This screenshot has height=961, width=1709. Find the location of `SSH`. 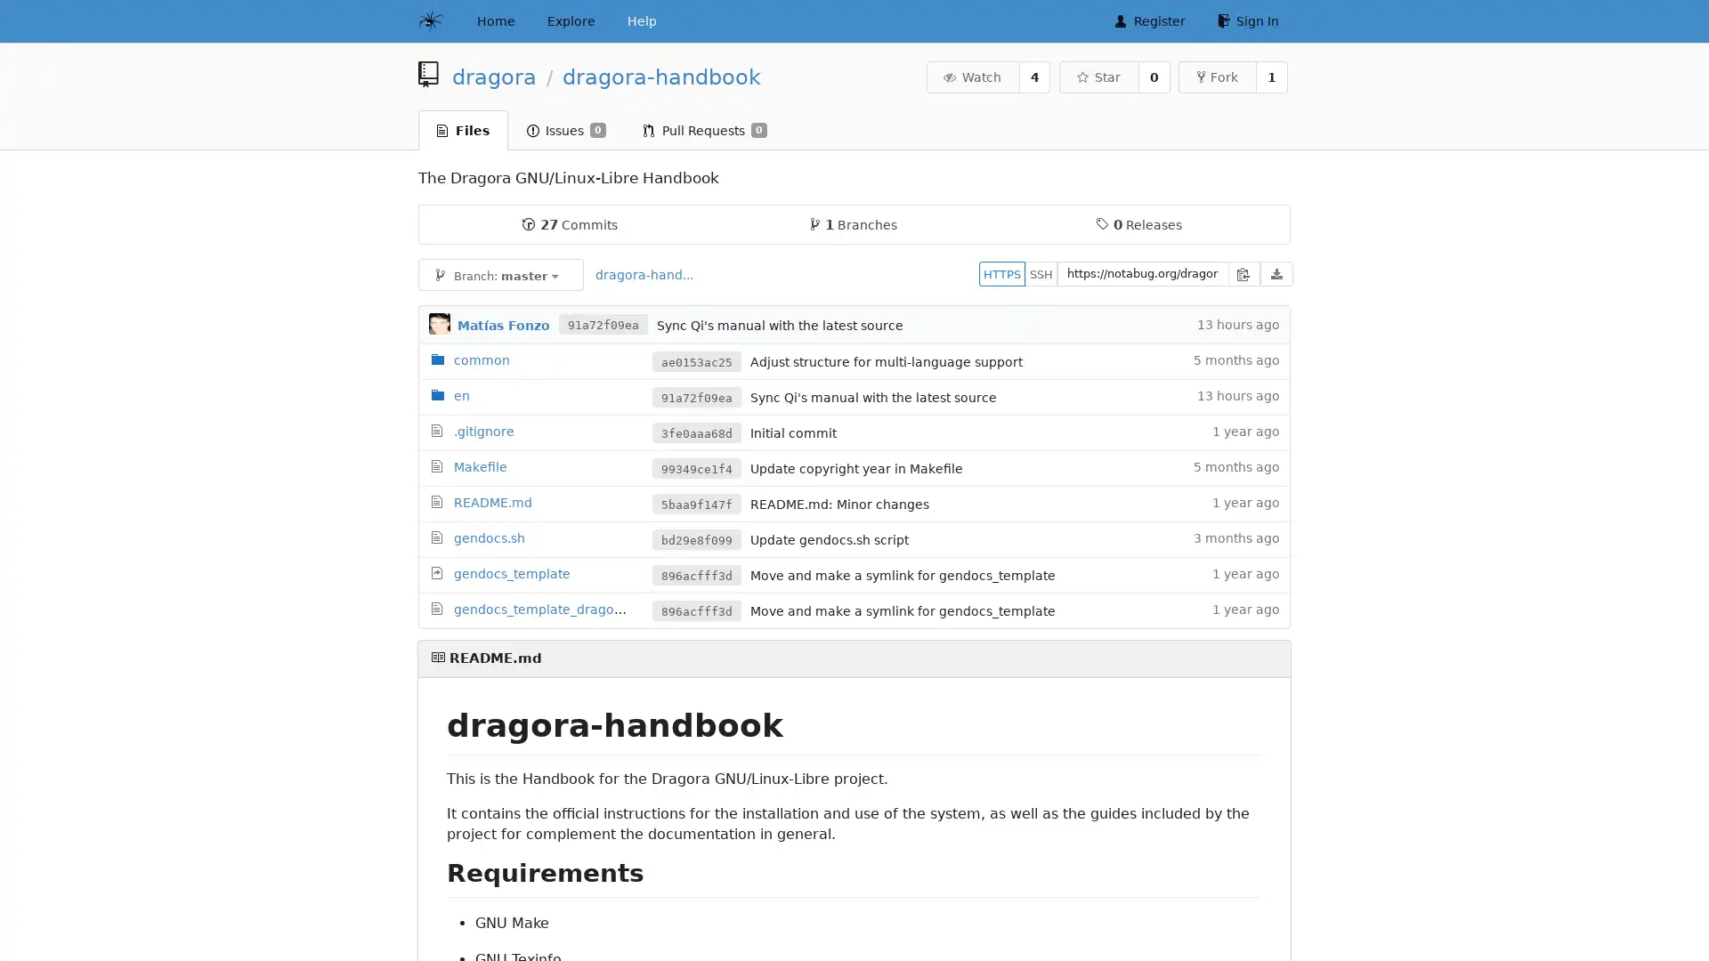

SSH is located at coordinates (1041, 273).